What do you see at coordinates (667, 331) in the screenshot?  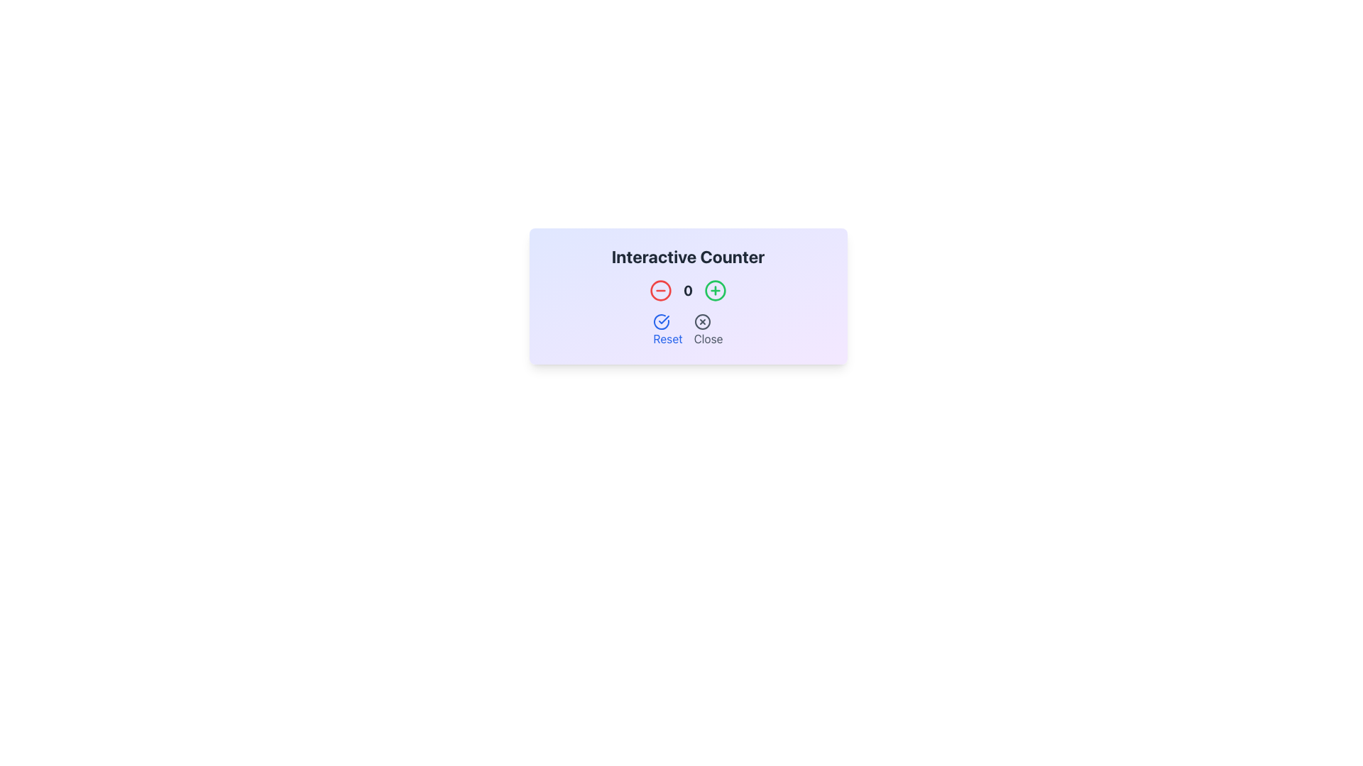 I see `the 'Reset' button` at bounding box center [667, 331].